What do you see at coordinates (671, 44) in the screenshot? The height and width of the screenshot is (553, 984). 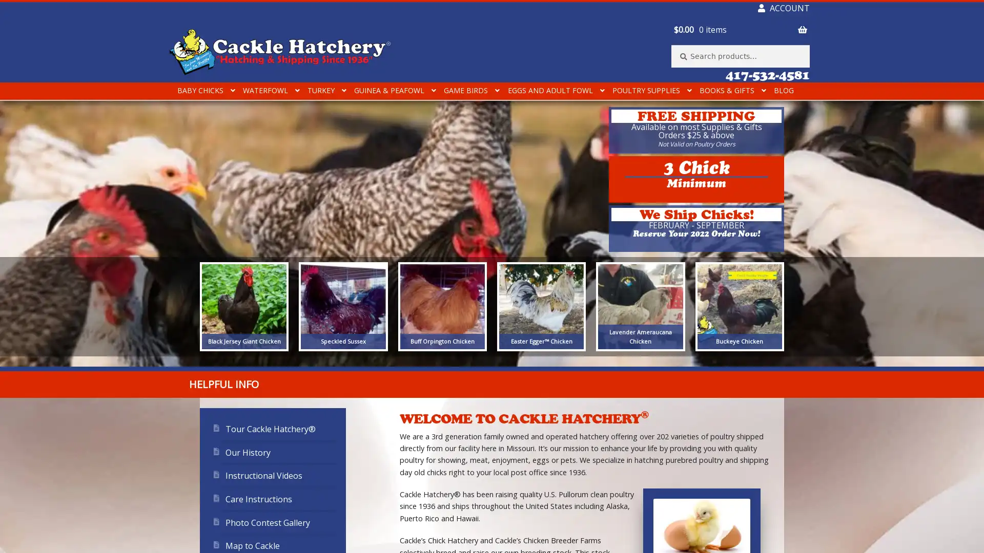 I see `Search` at bounding box center [671, 44].